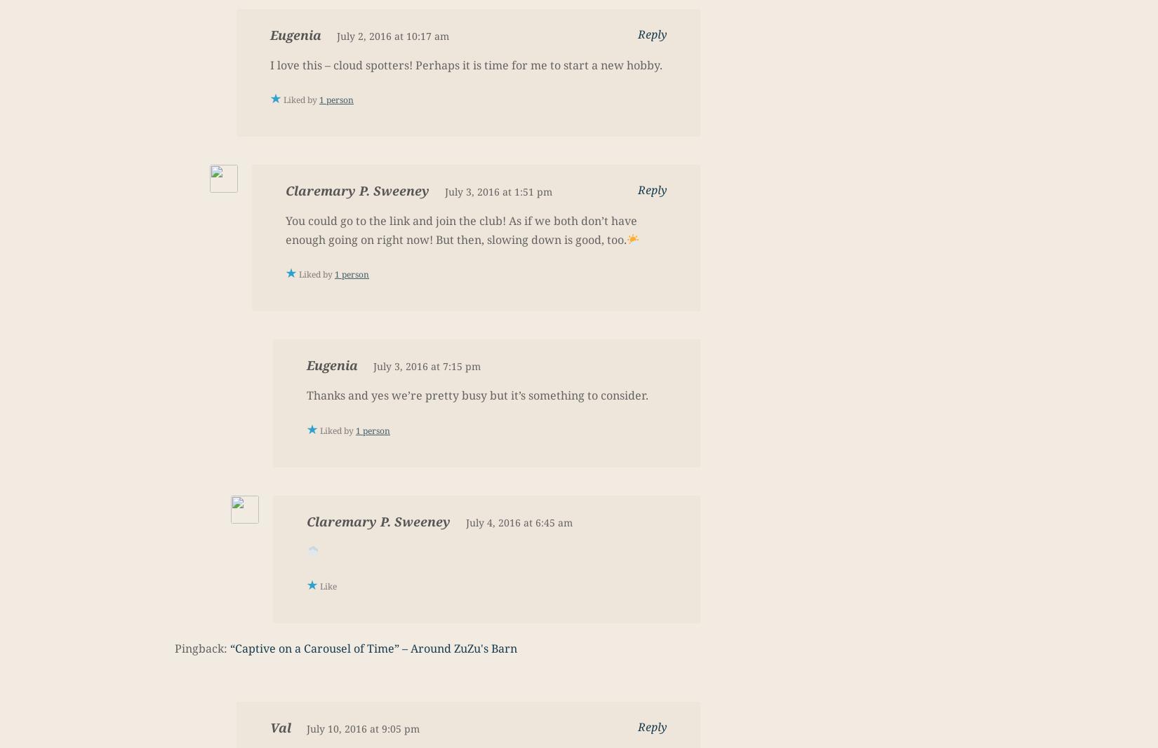 This screenshot has width=1158, height=748. I want to click on 'I love this – cloud spotters! Perhaps it is time for me to start a new hobby.', so click(269, 63).